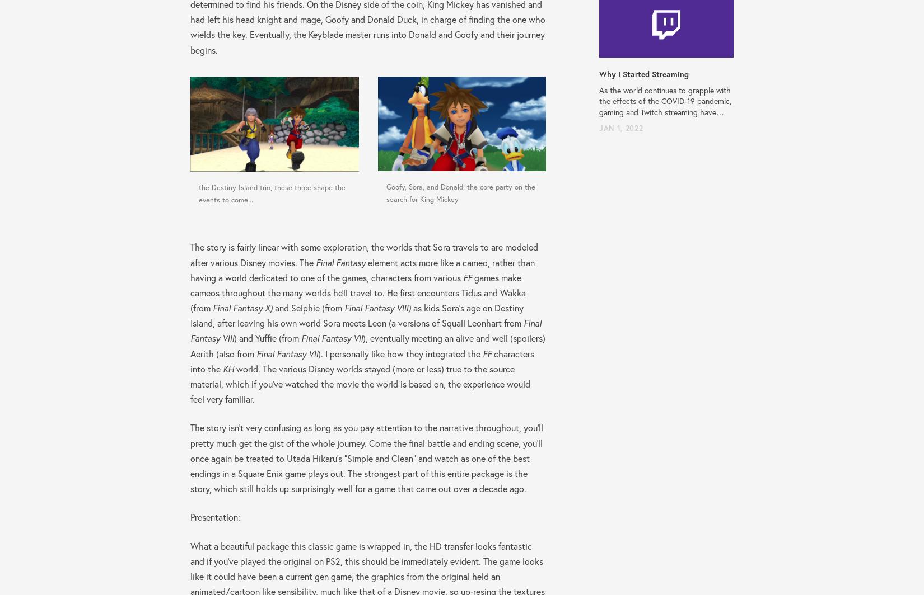 The width and height of the screenshot is (924, 595). Describe the element at coordinates (366, 457) in the screenshot. I see `'The story isn’t very confusing as
long as you pay attention to the narrative throughout, you’ll pretty much get
the gist of the whole journey. Come the final battle and ending scene, you’ll
once again be treated to Utada Hikaru’s “Simple and Clean” and watch as one of
the best endings in a Square Enix game plays out. The strongest part of this
entire package is the story, which still holds up surprisingly well for a game
that came out over a decade ago.'` at that location.